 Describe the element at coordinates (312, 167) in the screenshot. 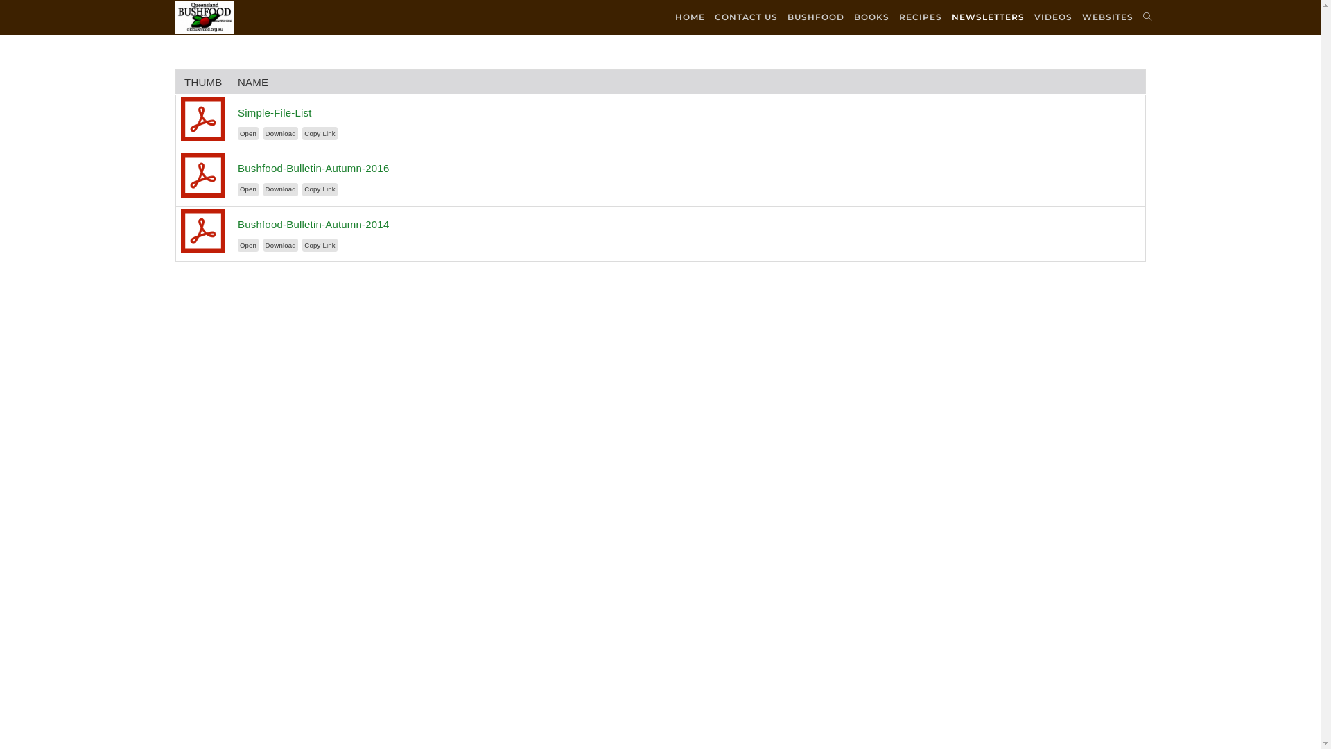

I see `'Bushfood-Bulletin-Autumn-2016'` at that location.